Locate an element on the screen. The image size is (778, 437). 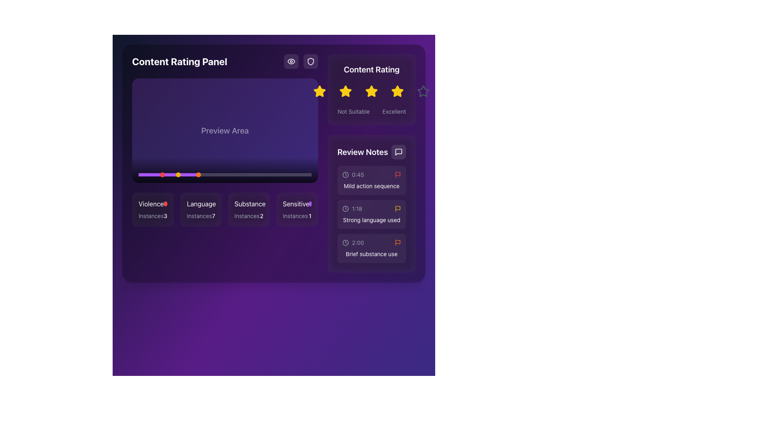
the fourth star-shaped icon in the rating system, which is filled with yellow and outlined is located at coordinates (398, 91).